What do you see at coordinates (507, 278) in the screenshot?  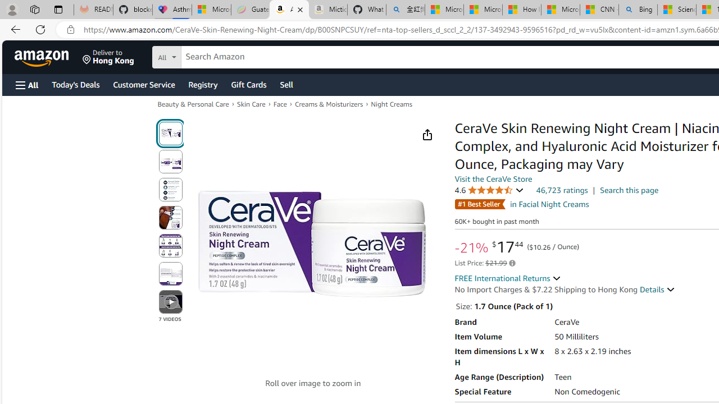 I see `'FREE International Returns '` at bounding box center [507, 278].